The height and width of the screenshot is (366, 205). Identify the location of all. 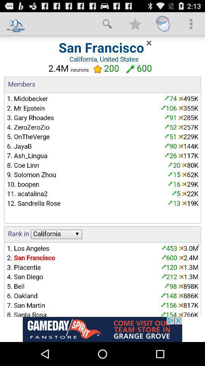
(102, 176).